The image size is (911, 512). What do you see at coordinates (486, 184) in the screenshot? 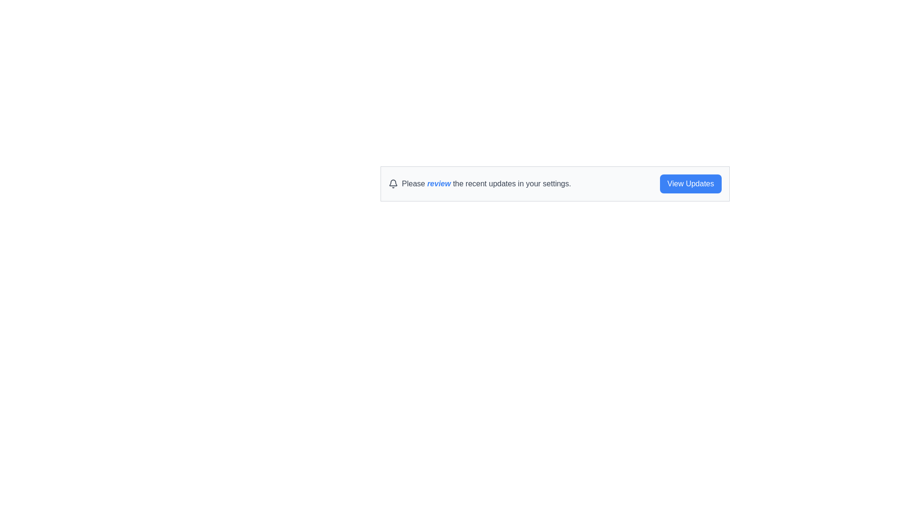
I see `the notification message displayed in the Text Display element, which informs the user of updates and encourages them to review their settings` at bounding box center [486, 184].